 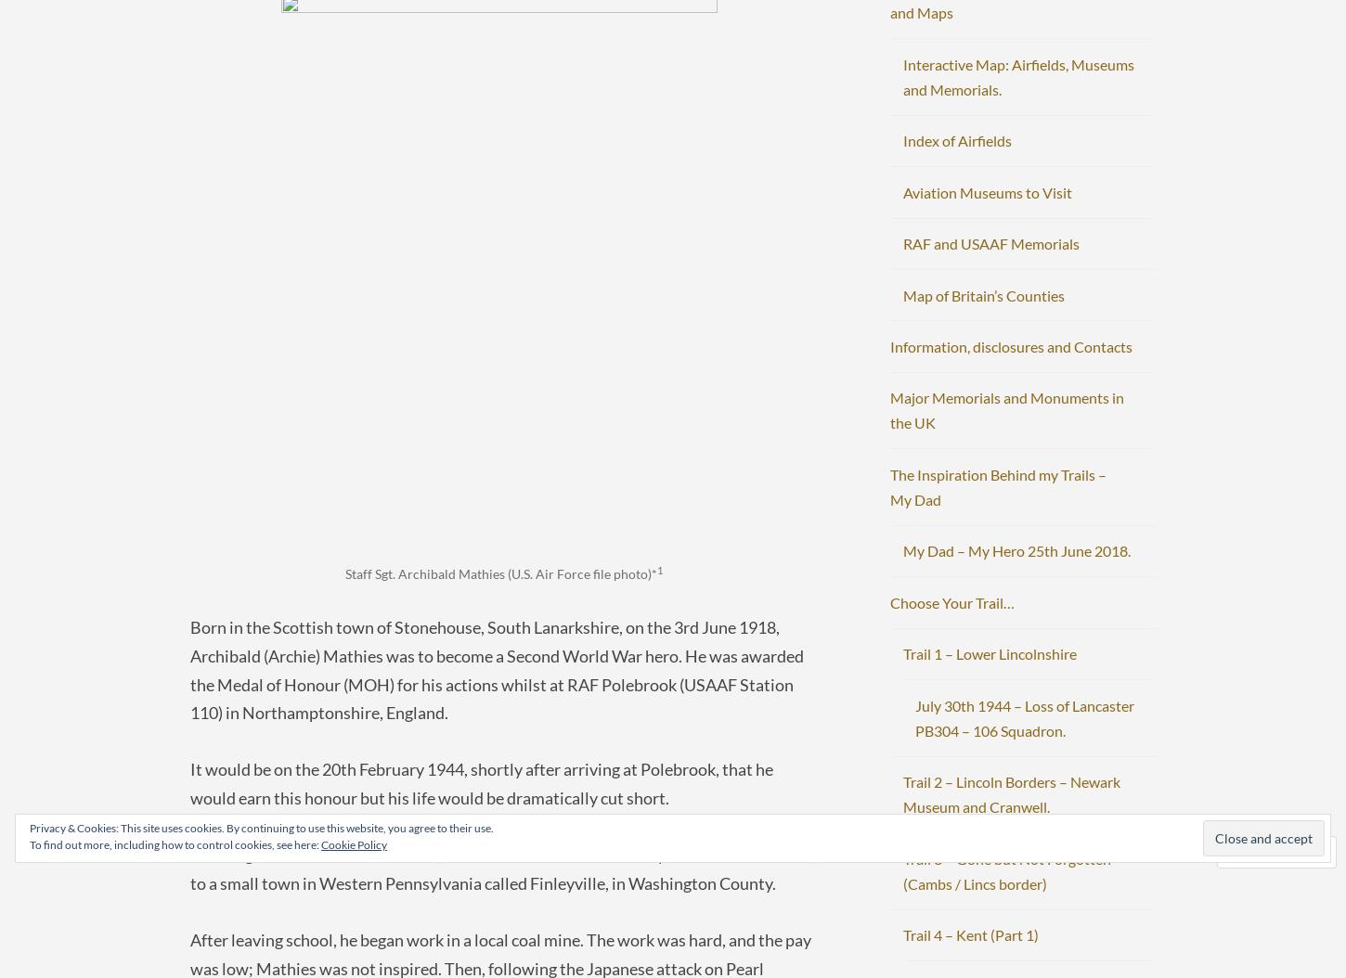 I want to click on 'Index of Airfields', so click(x=956, y=140).